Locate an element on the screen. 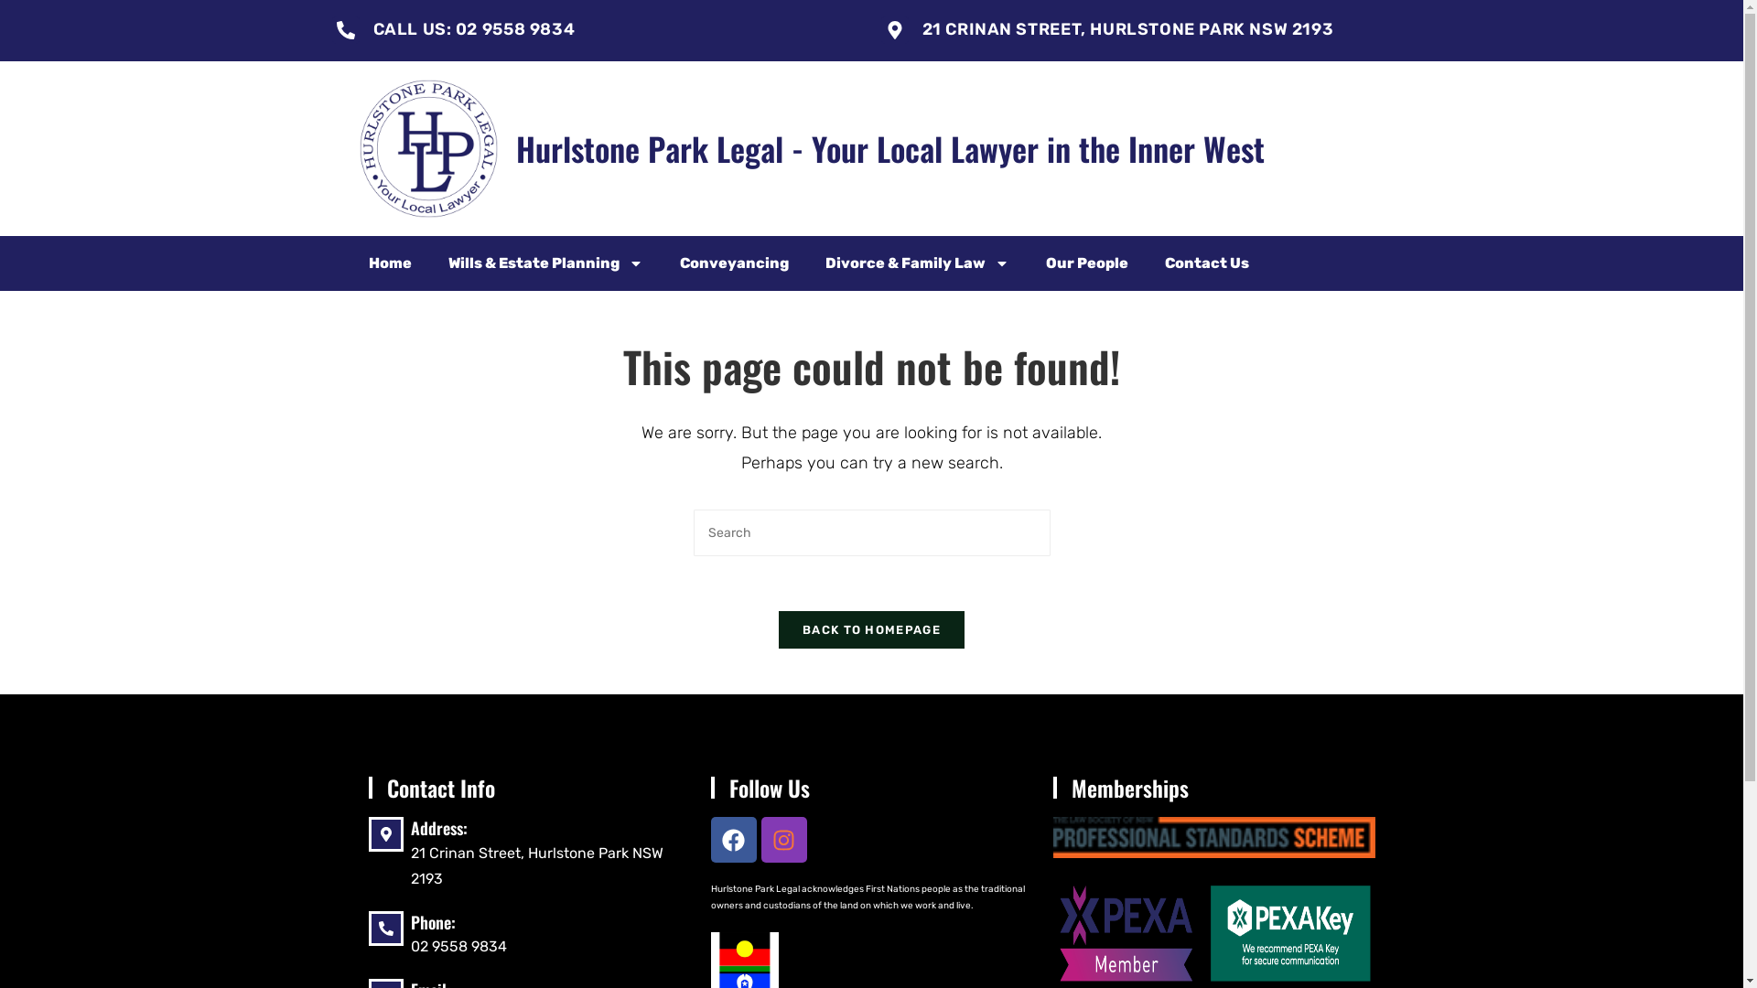 This screenshot has height=988, width=1757. 'BACK TO HOMEPAGE' is located at coordinates (778, 628).